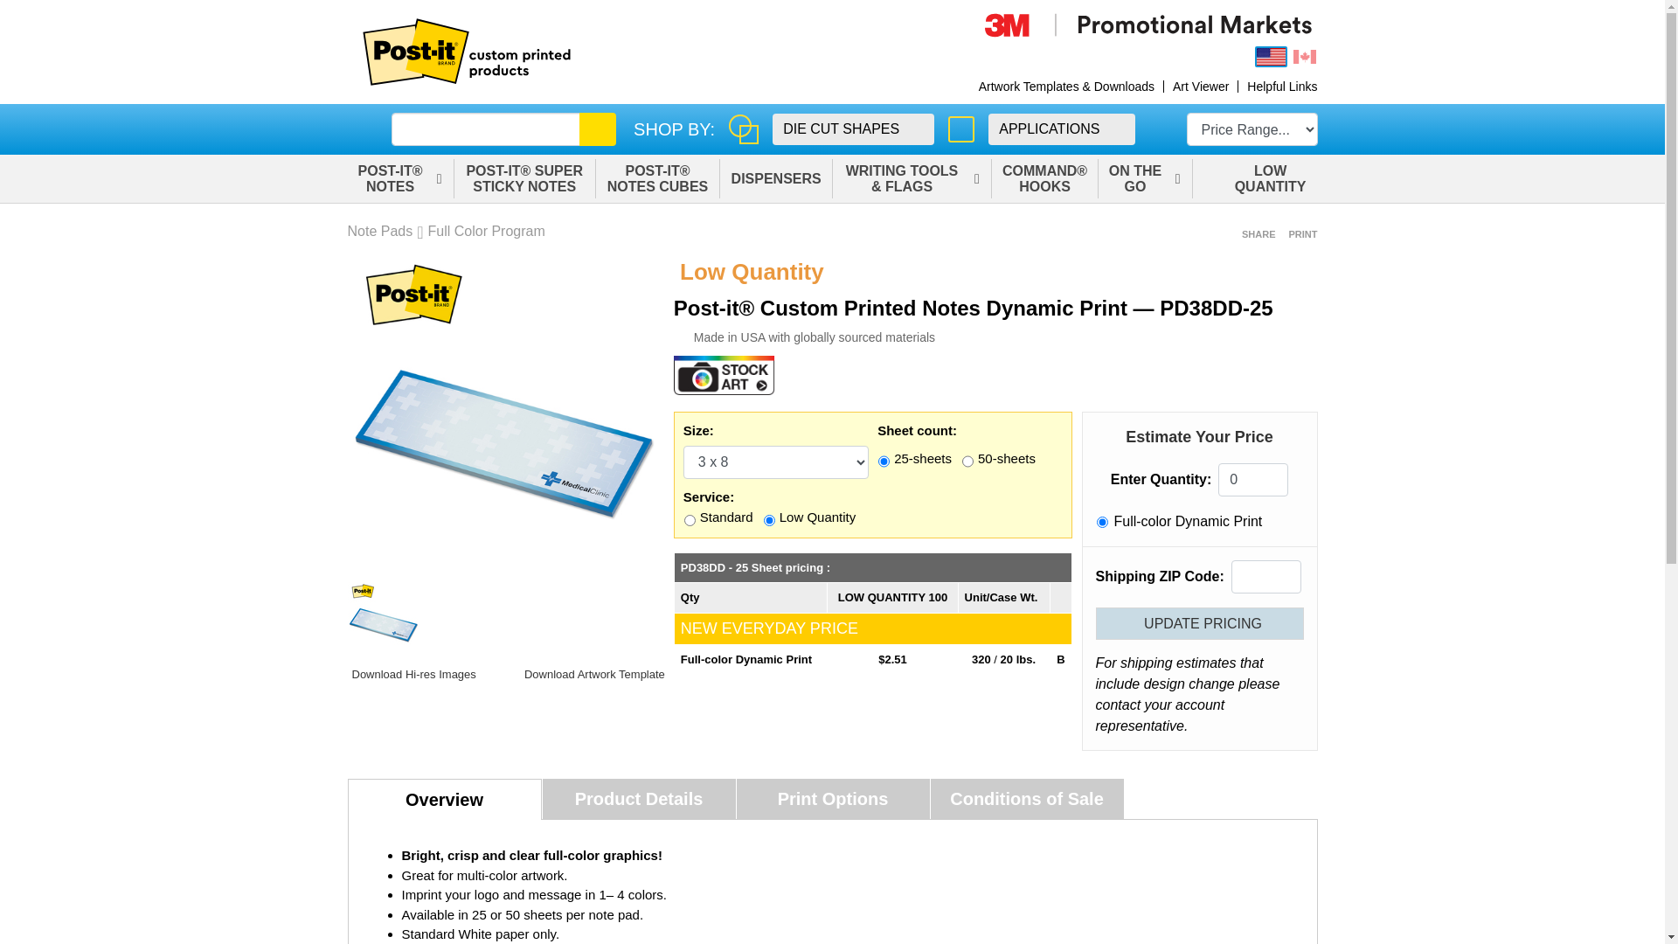 The height and width of the screenshot is (944, 1678). I want to click on 'Product Details', so click(637, 799).